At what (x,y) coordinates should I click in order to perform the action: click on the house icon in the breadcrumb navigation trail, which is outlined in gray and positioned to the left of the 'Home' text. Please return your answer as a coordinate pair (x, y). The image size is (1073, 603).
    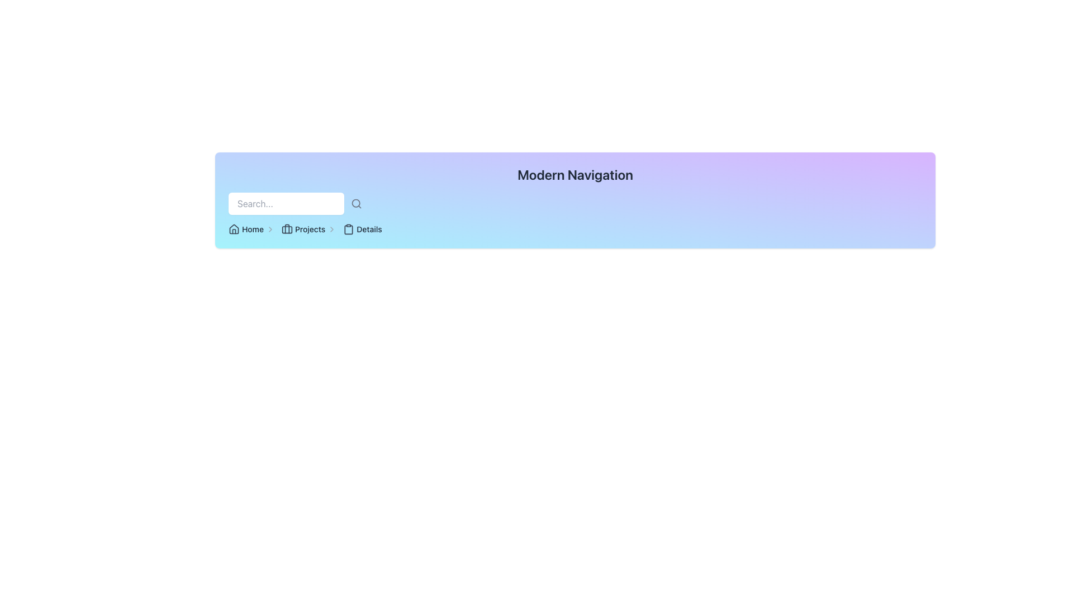
    Looking at the image, I should click on (233, 229).